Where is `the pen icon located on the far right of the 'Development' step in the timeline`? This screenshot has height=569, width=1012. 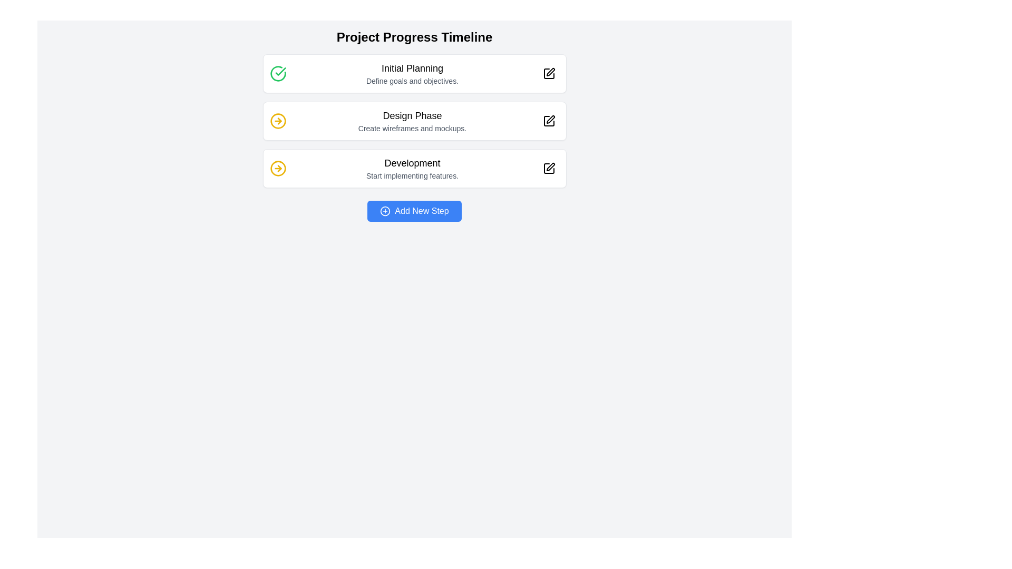
the pen icon located on the far right of the 'Development' step in the timeline is located at coordinates (550, 166).